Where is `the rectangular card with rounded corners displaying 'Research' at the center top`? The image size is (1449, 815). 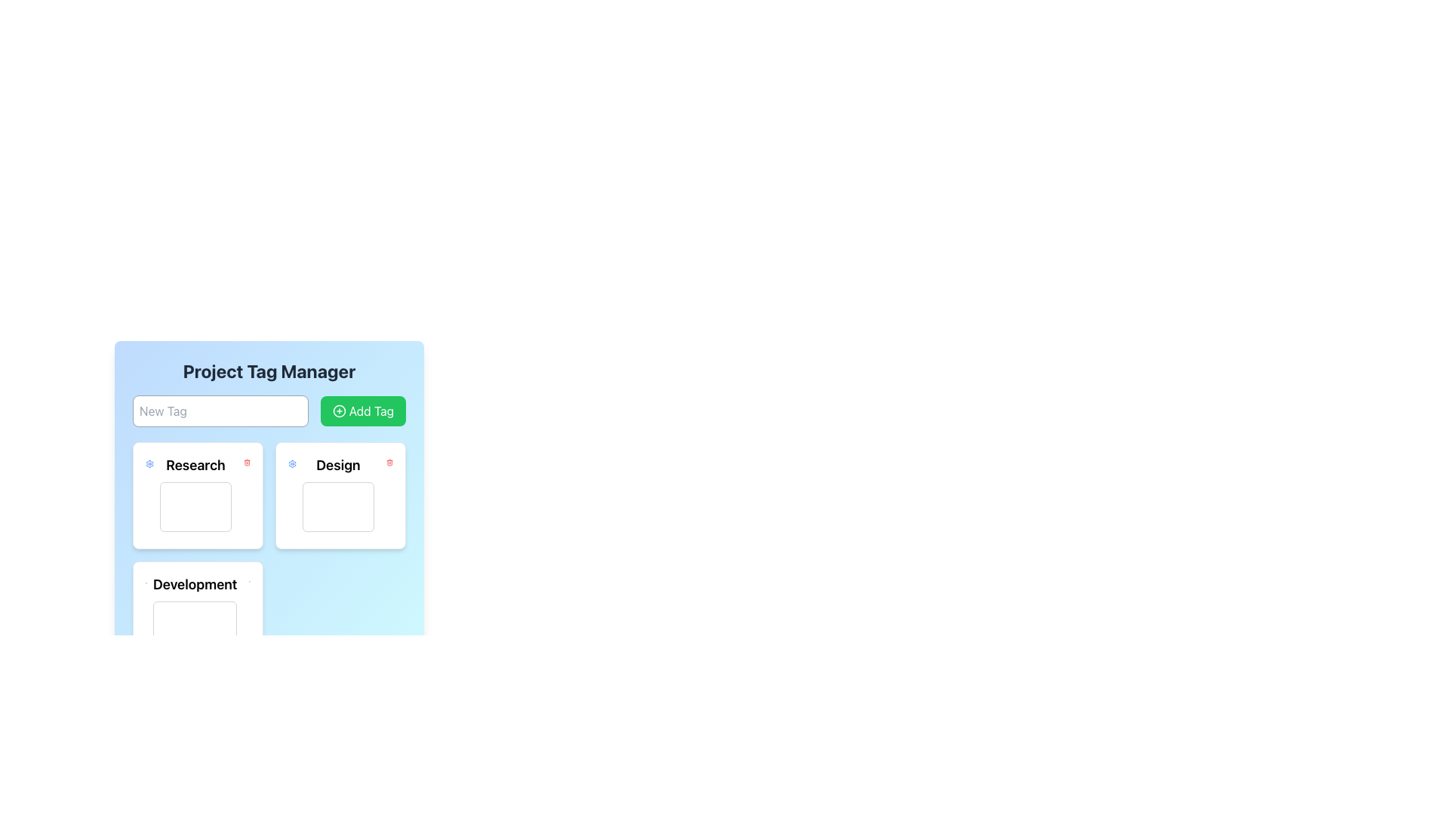
the rectangular card with rounded corners displaying 'Research' at the center top is located at coordinates (197, 495).